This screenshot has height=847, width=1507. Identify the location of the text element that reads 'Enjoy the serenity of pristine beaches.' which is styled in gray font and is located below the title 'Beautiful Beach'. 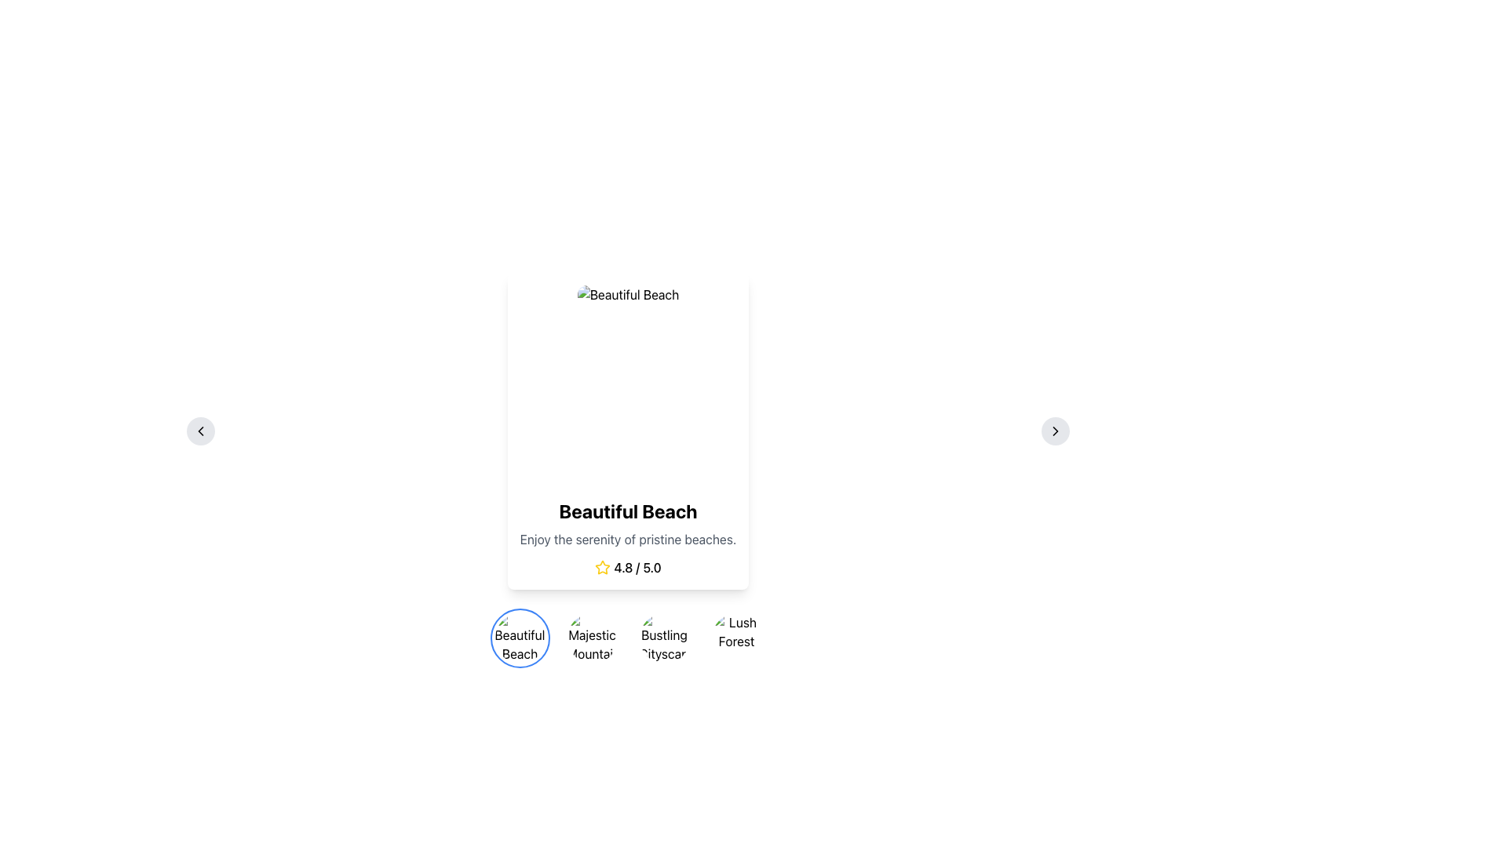
(628, 538).